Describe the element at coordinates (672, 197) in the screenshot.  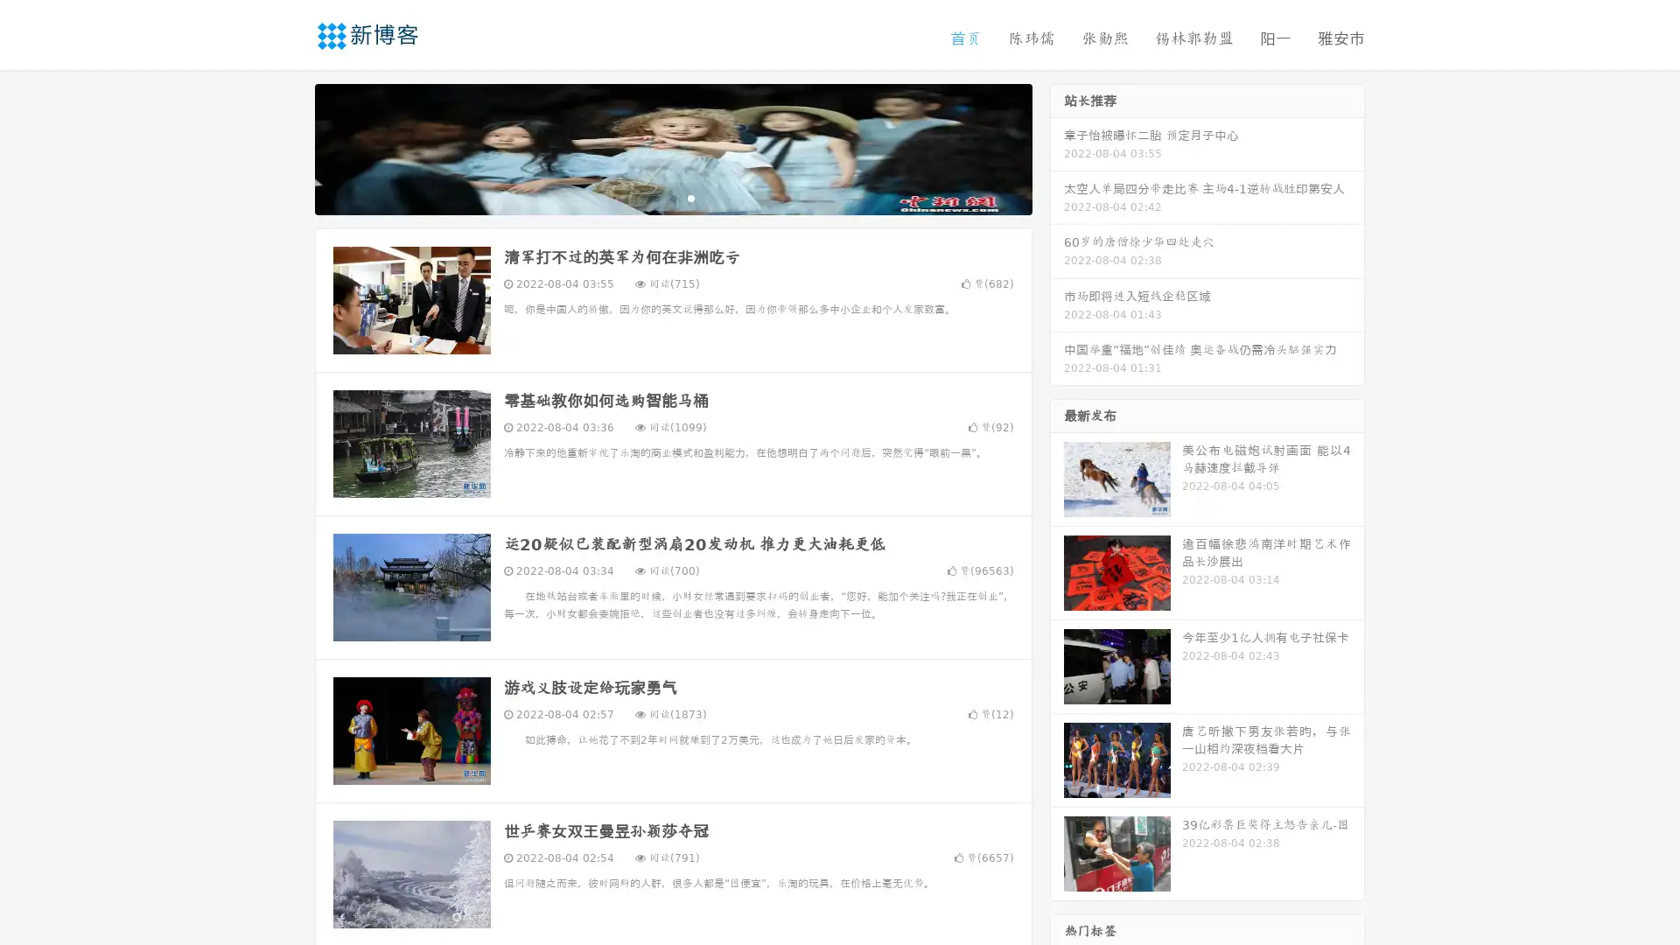
I see `Go to slide 2` at that location.